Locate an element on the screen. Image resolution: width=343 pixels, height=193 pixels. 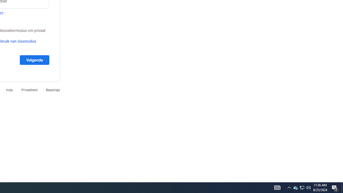
'Privaatheid' is located at coordinates (29, 90).